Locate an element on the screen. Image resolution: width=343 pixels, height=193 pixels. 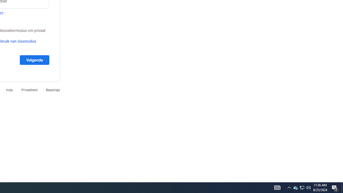
'Privaatheid' is located at coordinates (29, 90).